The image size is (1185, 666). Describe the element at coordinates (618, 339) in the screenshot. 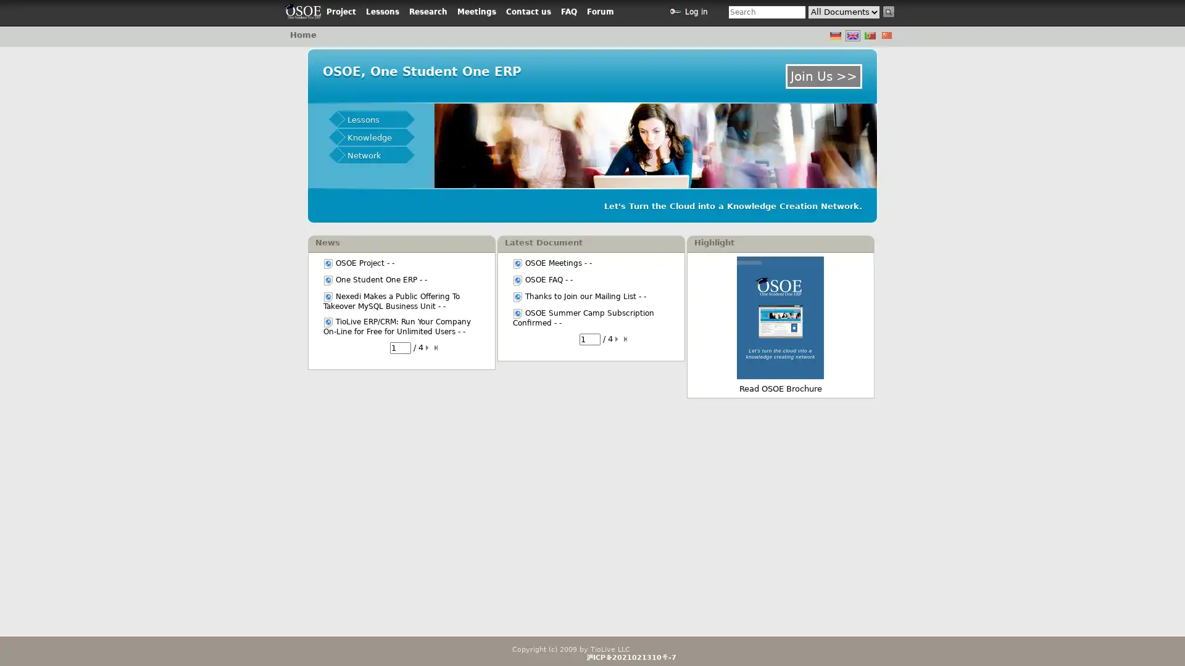

I see `Next Page` at that location.